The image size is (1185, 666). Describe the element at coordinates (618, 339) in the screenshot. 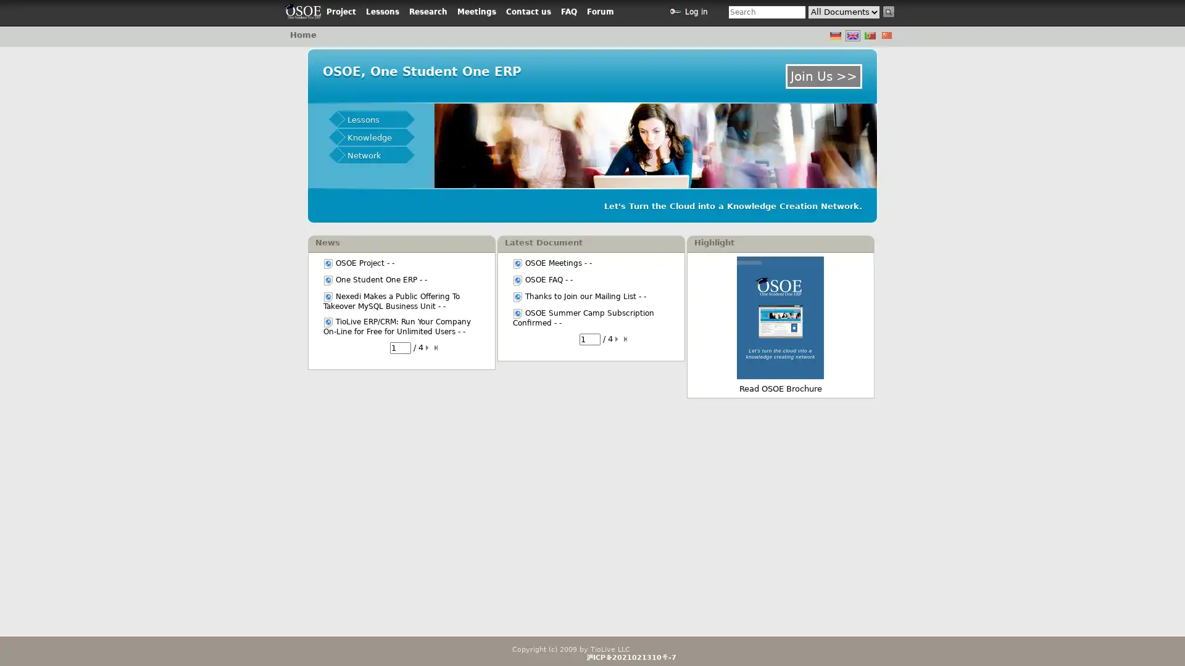

I see `Next Page` at that location.